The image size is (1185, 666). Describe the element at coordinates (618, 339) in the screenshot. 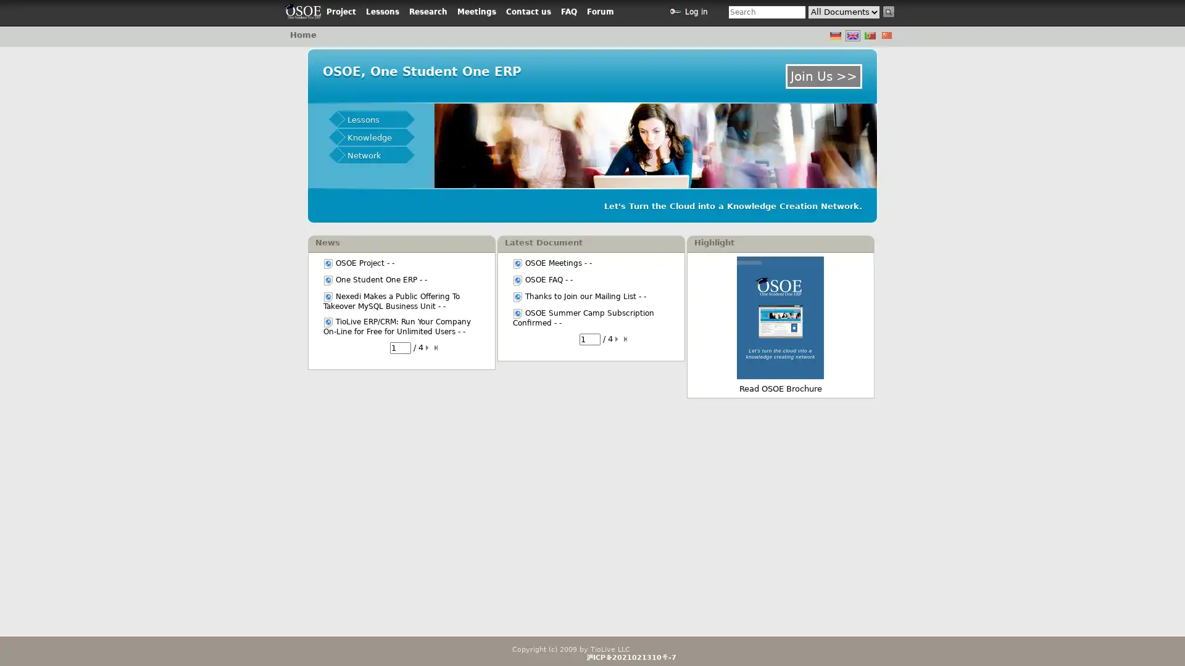

I see `Next Page` at that location.